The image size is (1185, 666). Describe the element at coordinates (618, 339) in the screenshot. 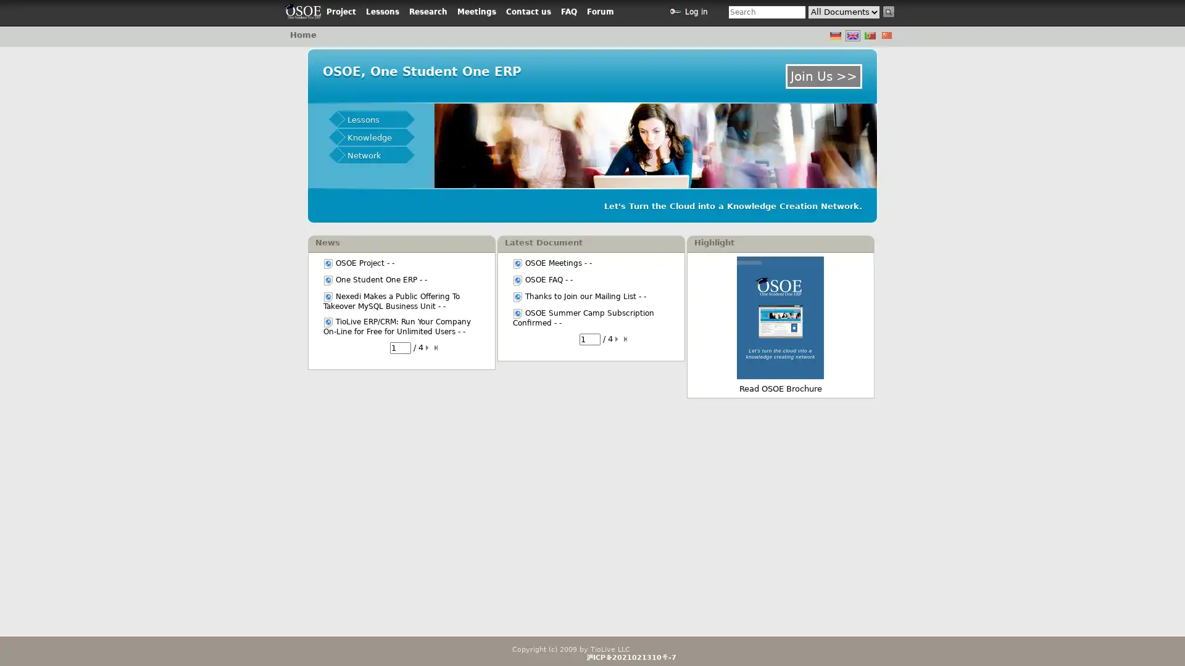

I see `Next Page` at that location.